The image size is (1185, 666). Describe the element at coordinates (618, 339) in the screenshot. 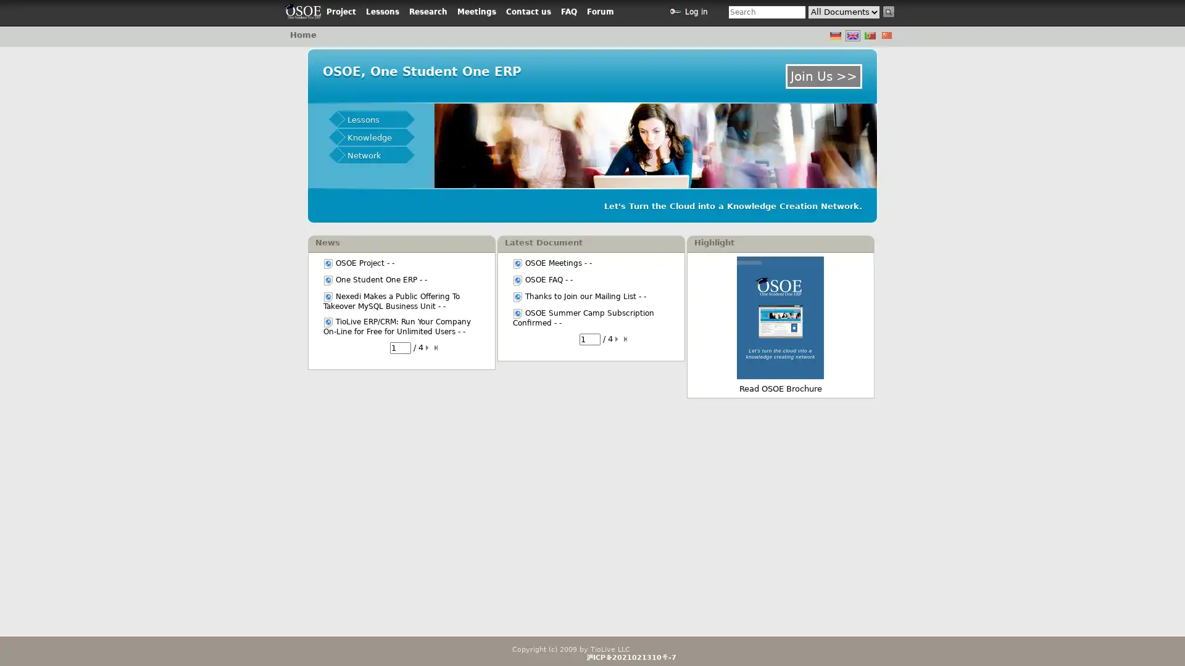

I see `Next Page` at that location.